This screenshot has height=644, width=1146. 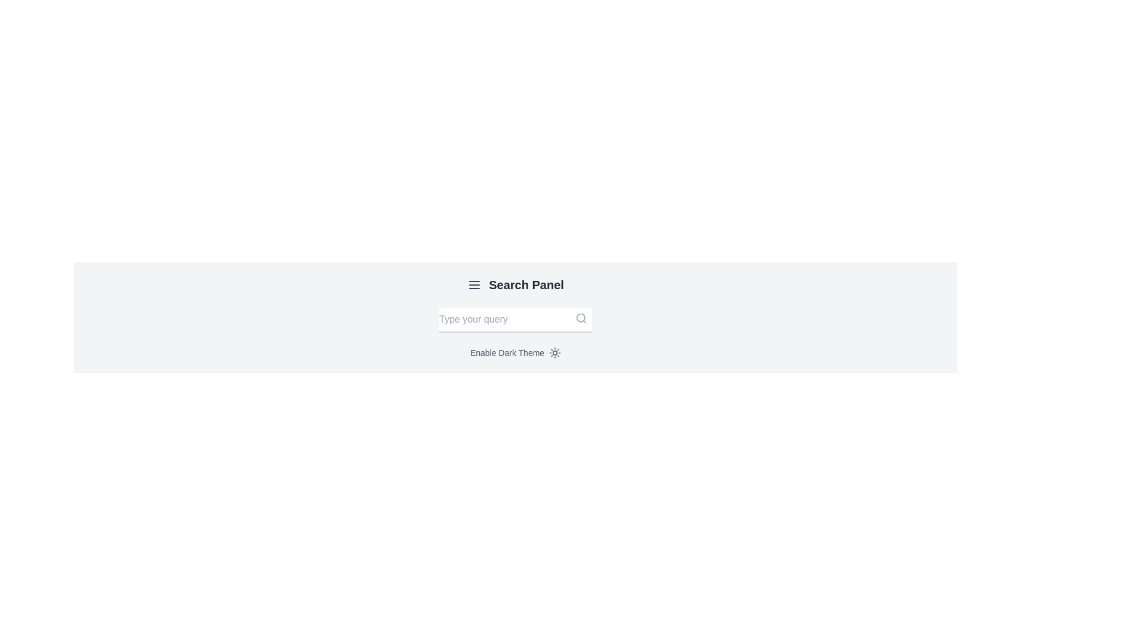 I want to click on the 'Search Panel' label, which prominently displays the text in bold, dark gray font and is located above the search bar and dark mode button, so click(x=516, y=285).